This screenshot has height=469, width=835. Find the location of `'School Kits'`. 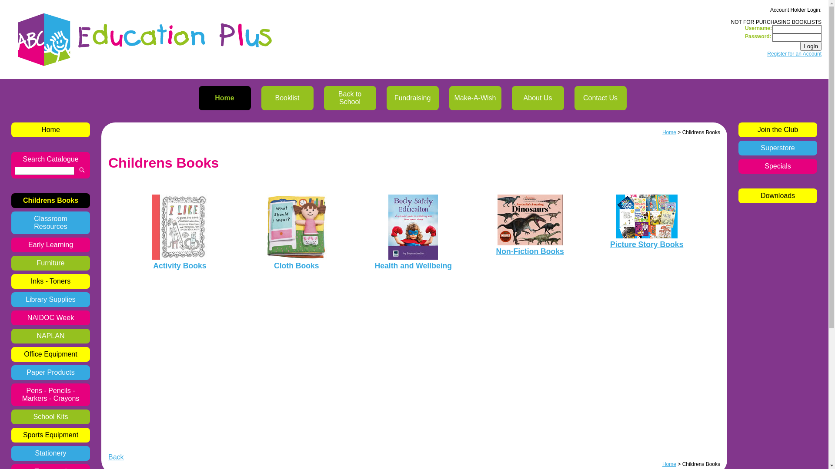

'School Kits' is located at coordinates (50, 416).